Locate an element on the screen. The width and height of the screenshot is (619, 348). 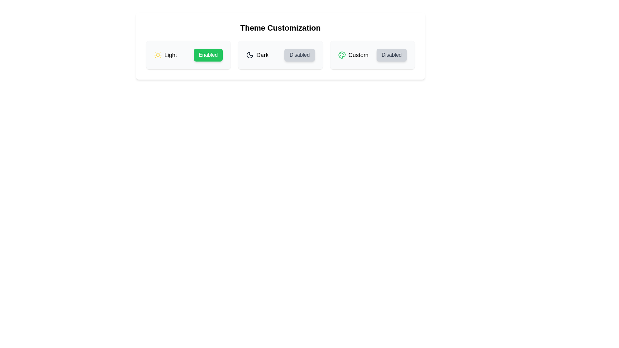
the 'Enabled' button next to the 'Light' label is located at coordinates (208, 54).